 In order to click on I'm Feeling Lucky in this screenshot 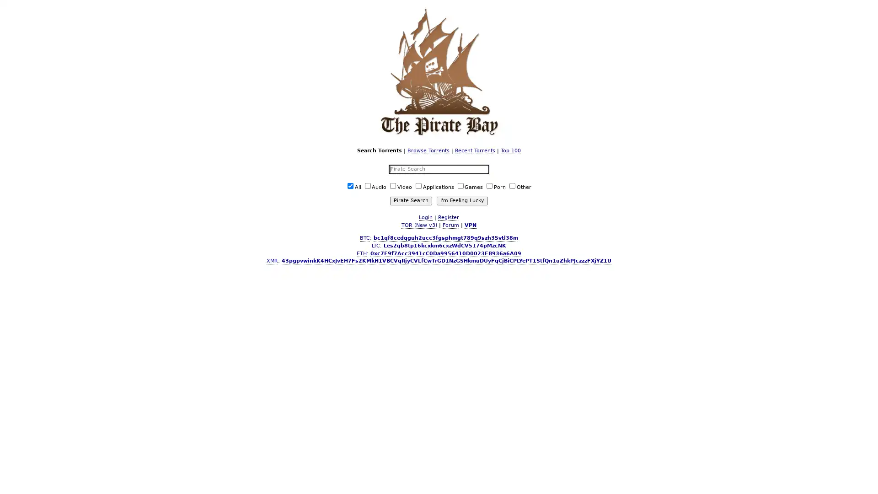, I will do `click(461, 200)`.